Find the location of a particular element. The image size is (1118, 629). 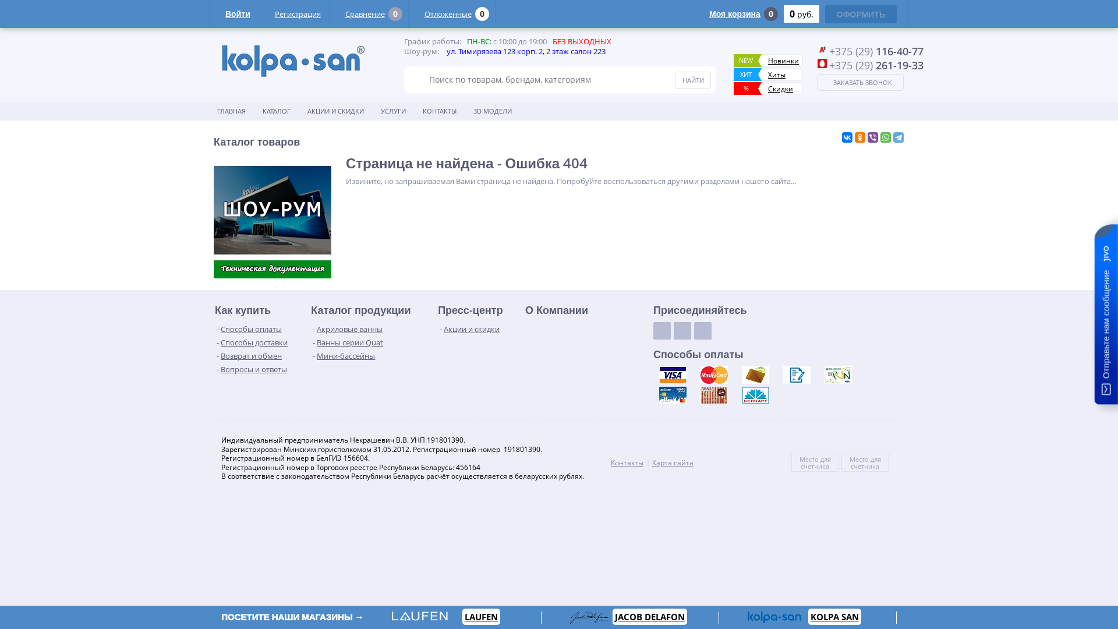

'MasterCard' is located at coordinates (713, 375).